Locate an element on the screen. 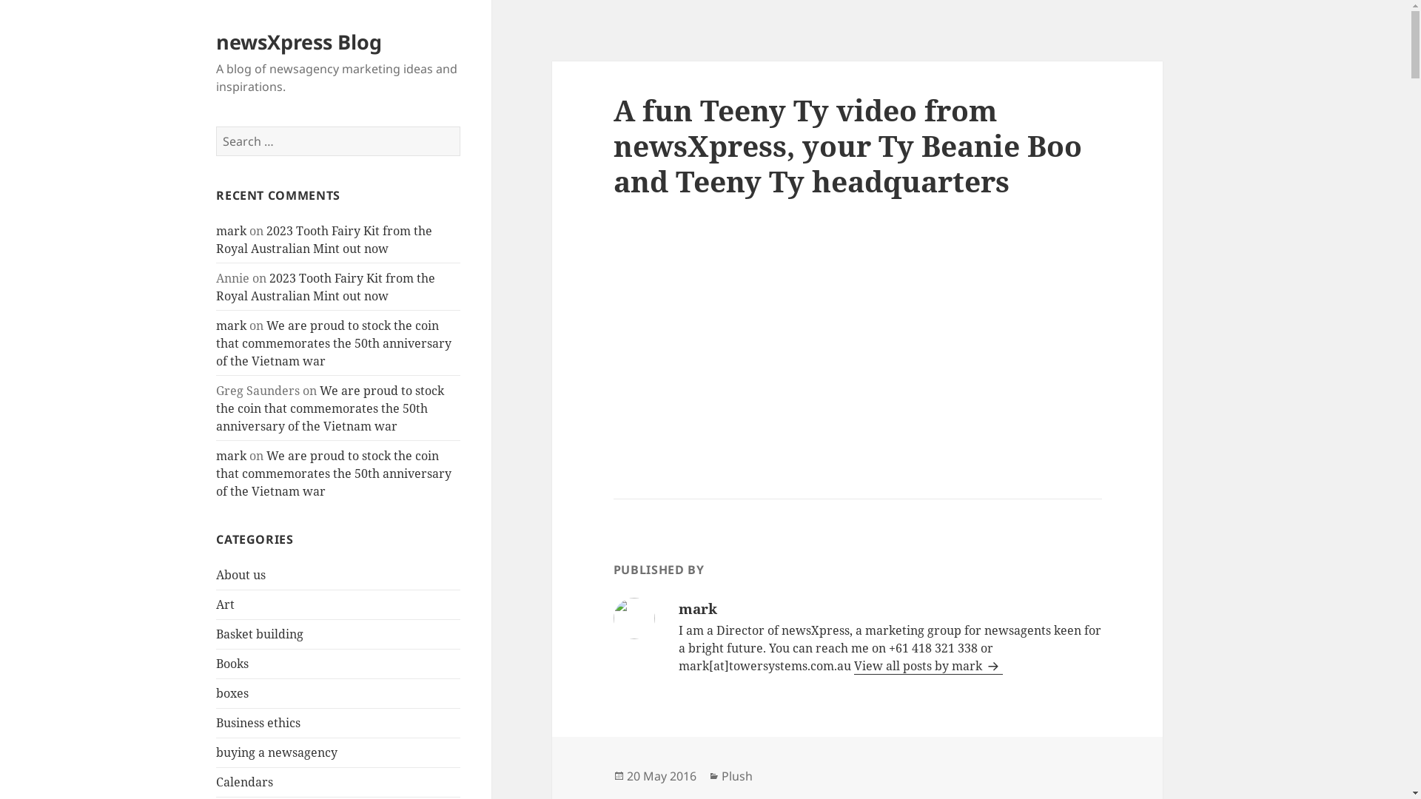 This screenshot has width=1421, height=799. 'About us' is located at coordinates (241, 573).